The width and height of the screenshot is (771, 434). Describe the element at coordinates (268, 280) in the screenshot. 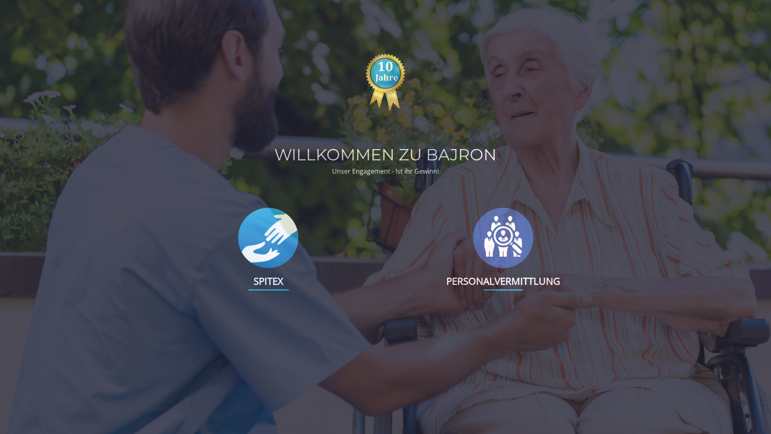

I see `'SPITEX'` at that location.